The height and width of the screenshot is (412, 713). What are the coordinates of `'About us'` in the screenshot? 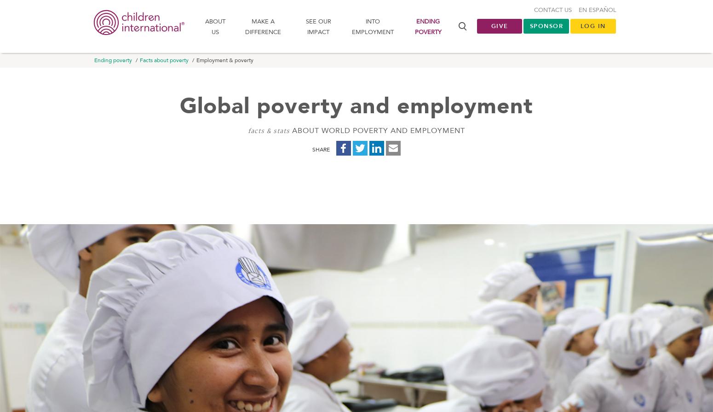 It's located at (214, 29).